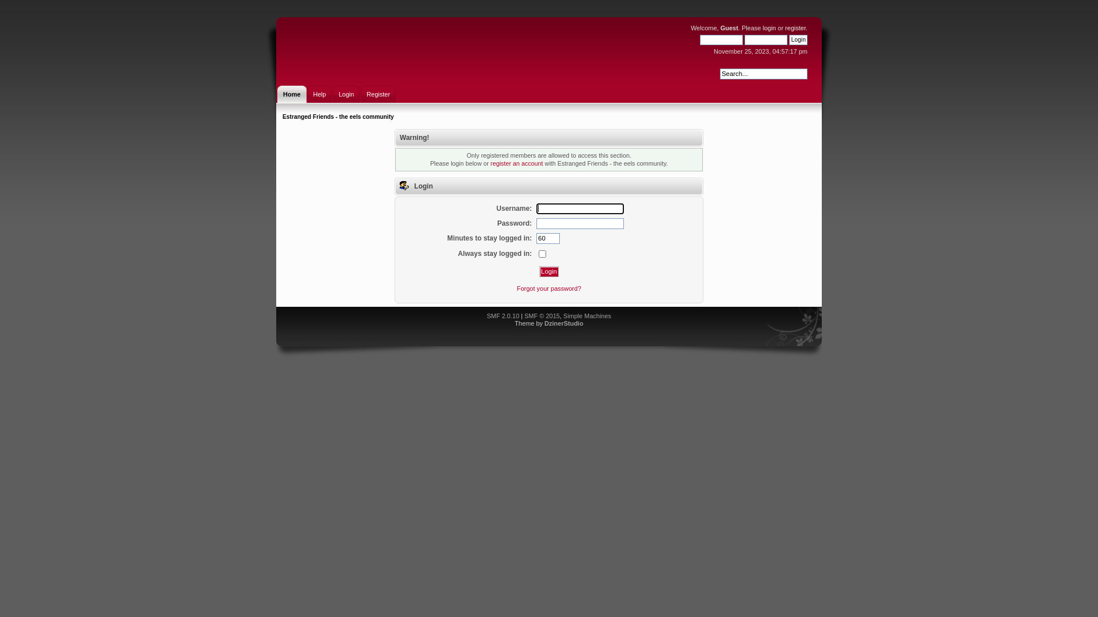 The height and width of the screenshot is (617, 1098). I want to click on 'DzinerStudio', so click(543, 323).